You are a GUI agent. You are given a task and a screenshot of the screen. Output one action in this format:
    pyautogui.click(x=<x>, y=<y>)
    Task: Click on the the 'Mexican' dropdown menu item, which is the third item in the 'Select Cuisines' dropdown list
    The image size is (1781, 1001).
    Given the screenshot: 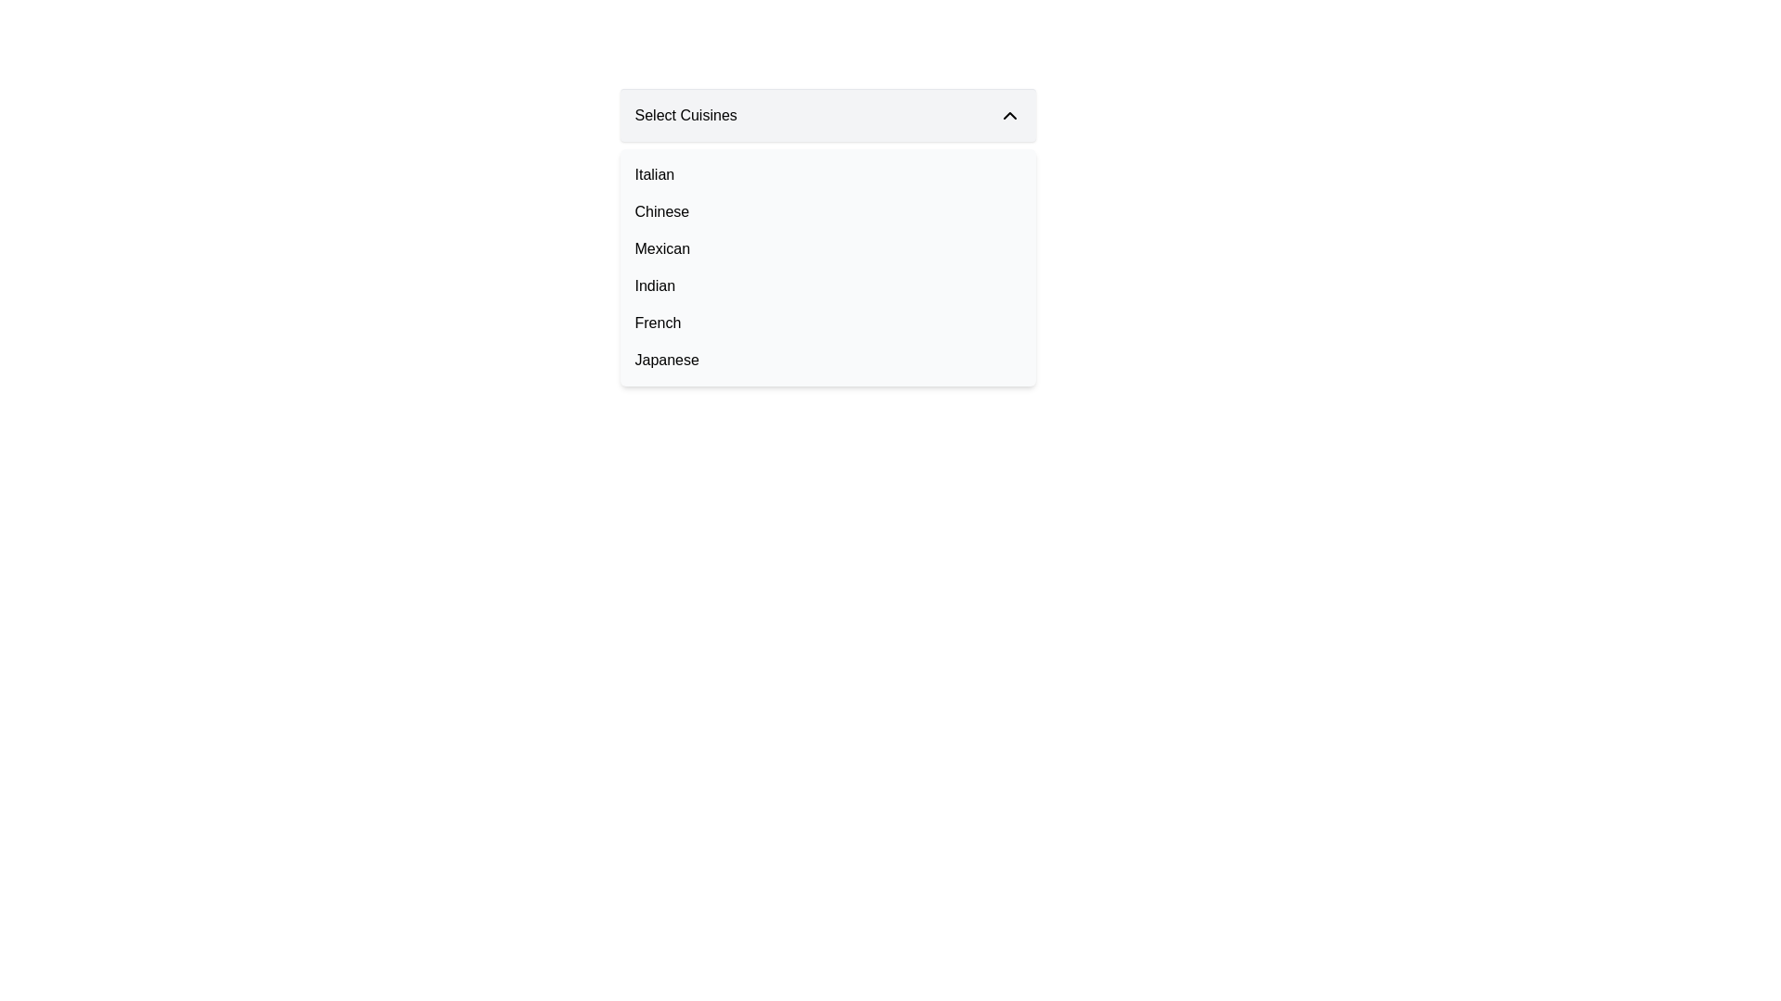 What is the action you would take?
    pyautogui.click(x=662, y=248)
    